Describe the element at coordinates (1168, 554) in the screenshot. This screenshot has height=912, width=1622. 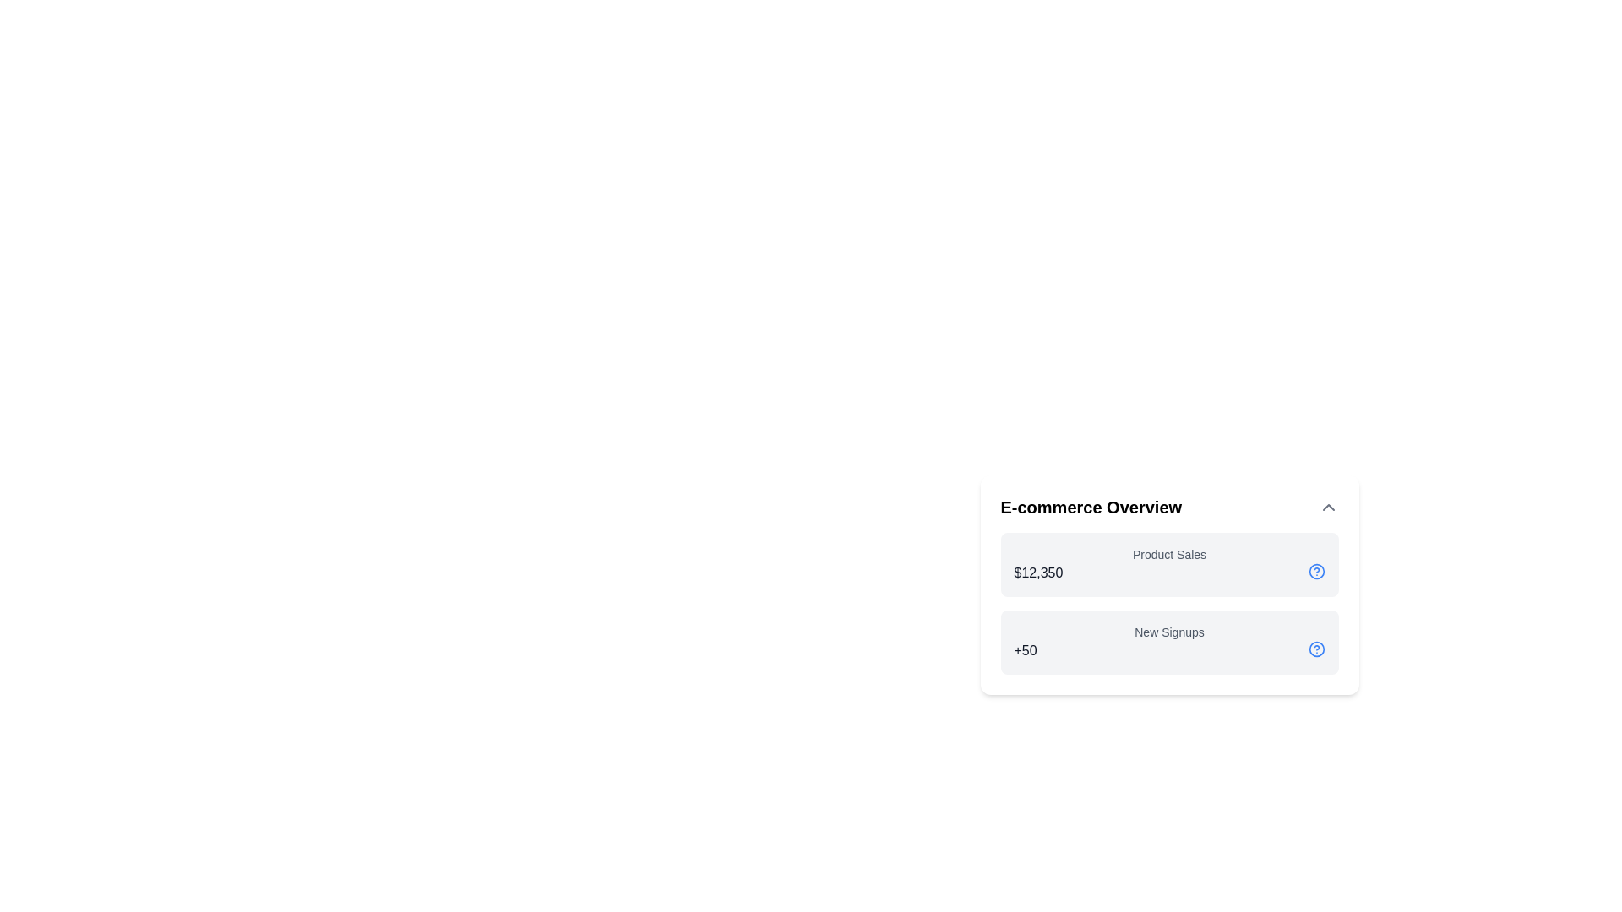
I see `the text label displaying 'Product Sales' located under the title 'E-commerce Overview', above the value '$12,350'` at that location.